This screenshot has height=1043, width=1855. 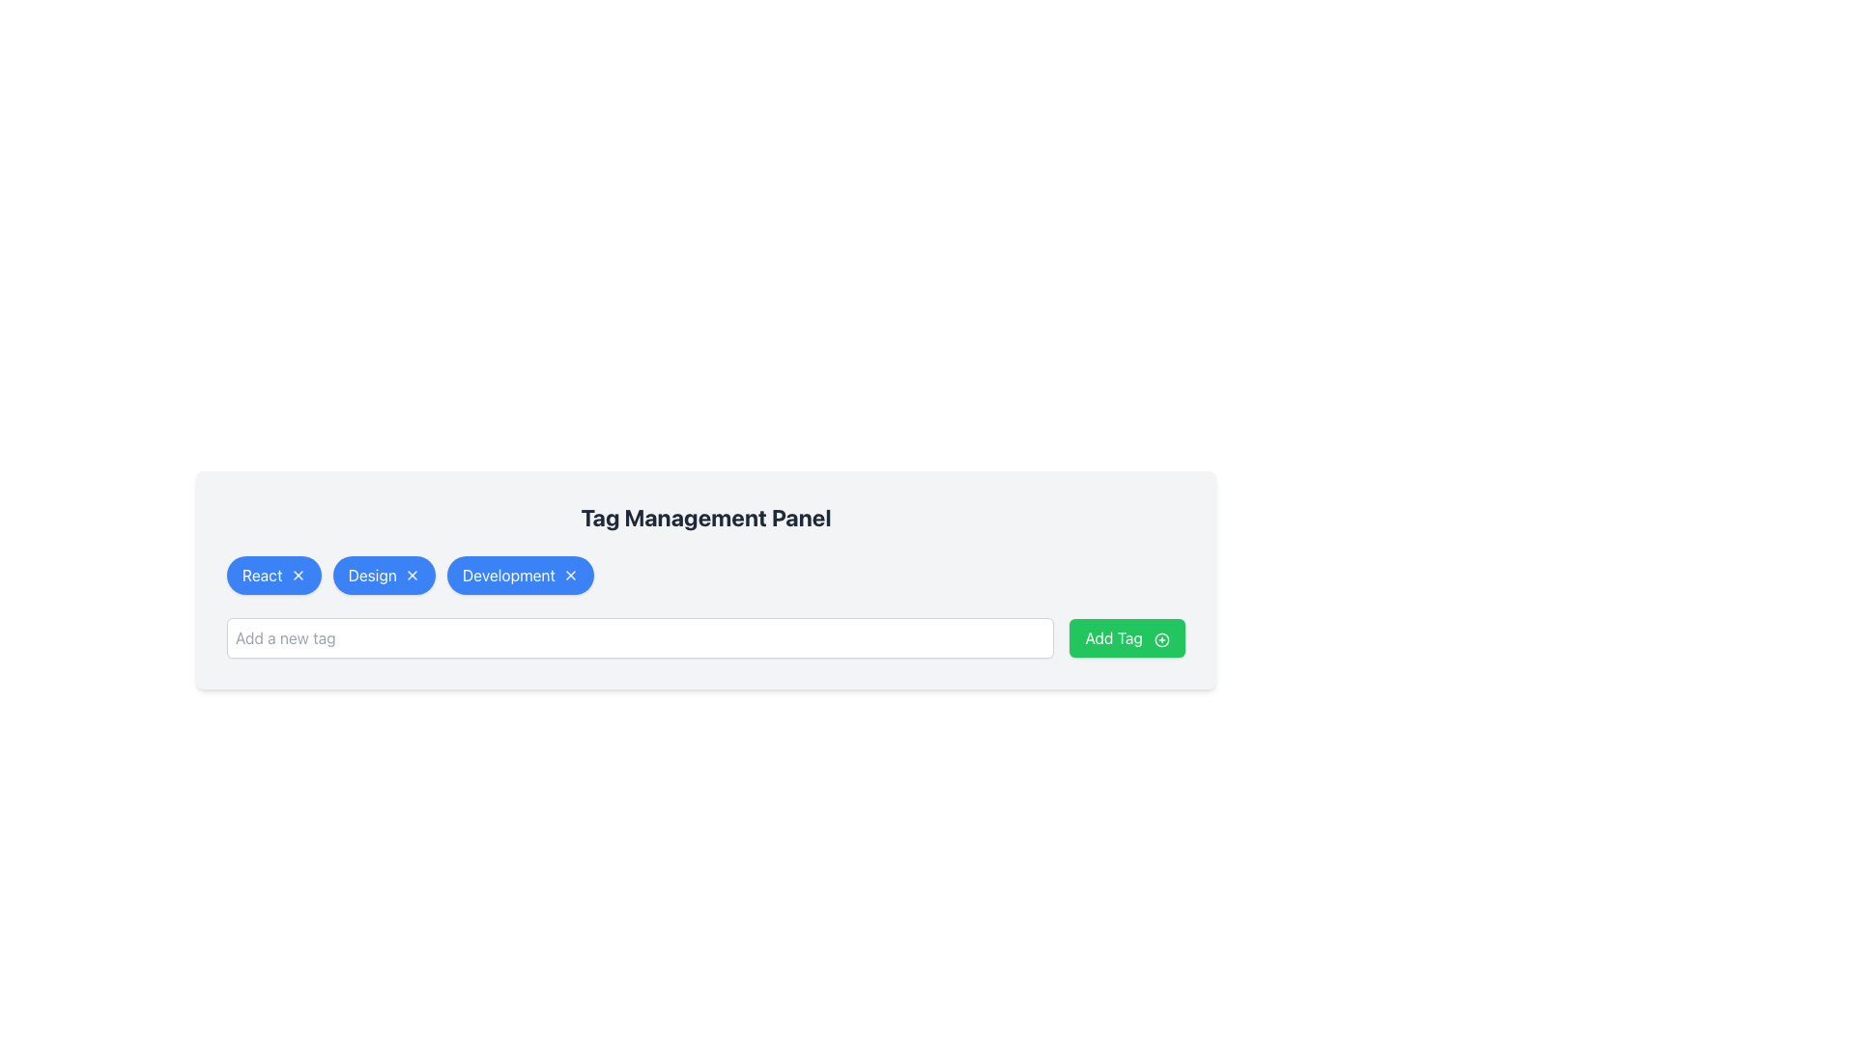 I want to click on the text label displaying the word 'Development' within a blue rounded tag in the Tag Management Panel, which is the third tag from the left and located between the 'Design' tag and a delete button, so click(x=508, y=575).